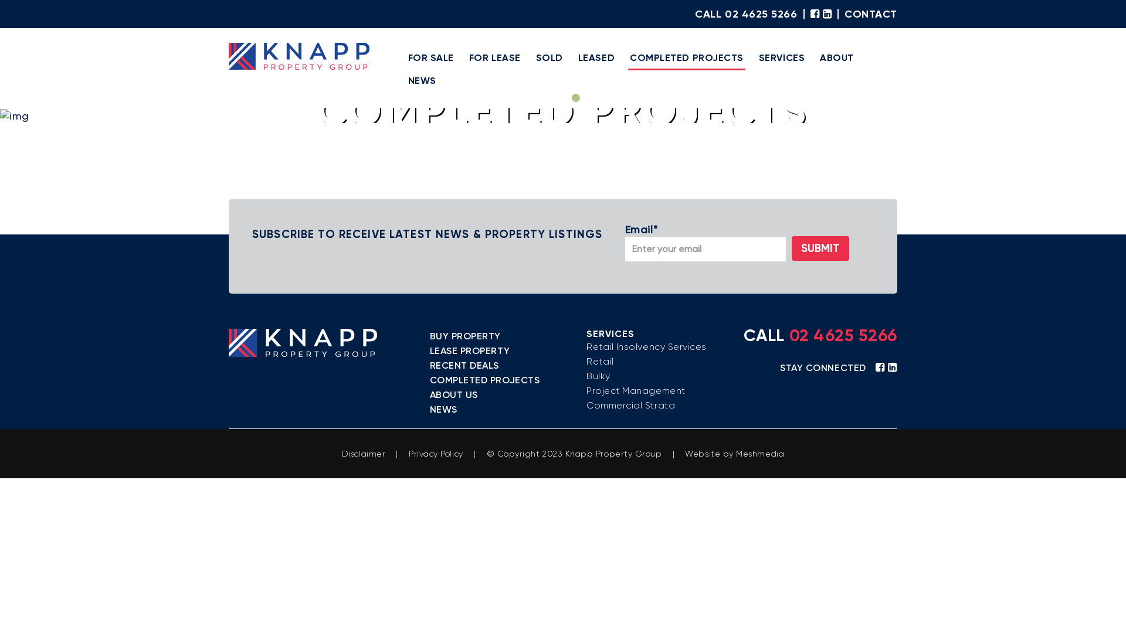 The width and height of the screenshot is (1126, 633). I want to click on 'LEASED', so click(596, 59).